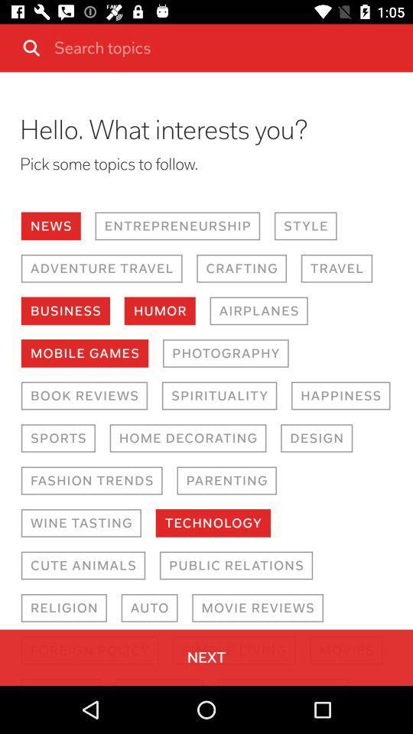  Describe the element at coordinates (57, 438) in the screenshot. I see `the item above the fashion trends icon` at that location.